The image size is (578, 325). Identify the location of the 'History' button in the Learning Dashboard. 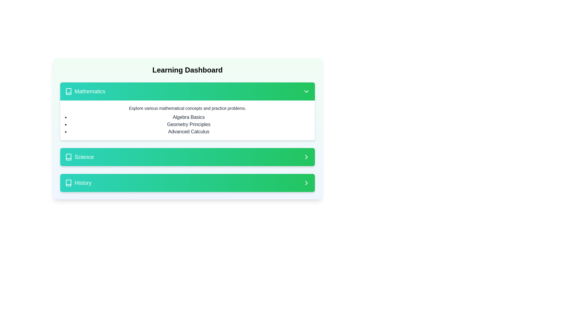
(187, 183).